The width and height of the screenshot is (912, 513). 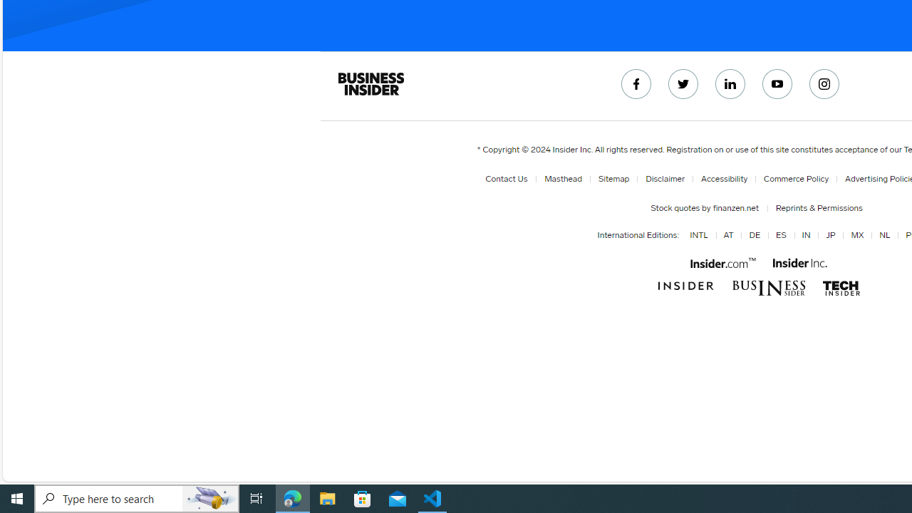 I want to click on 'Insider.com TM Logo', so click(x=722, y=262).